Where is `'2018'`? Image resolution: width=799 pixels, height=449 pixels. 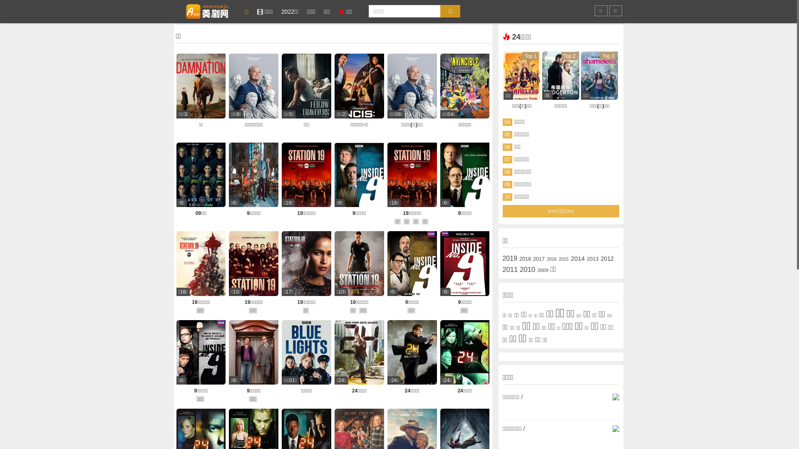
'2018' is located at coordinates (525, 259).